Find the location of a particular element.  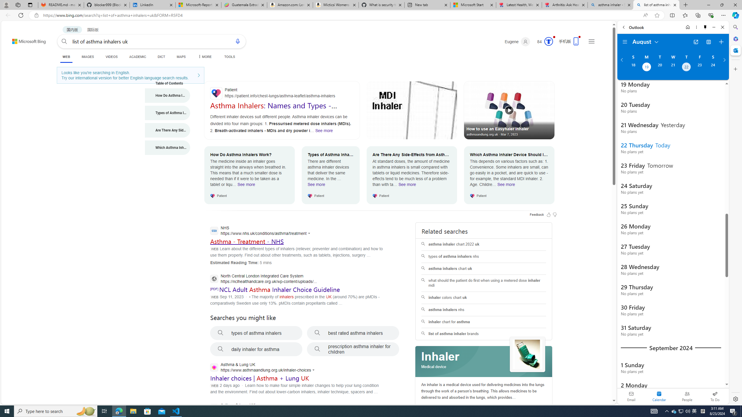

'daily inhaler for asthma' is located at coordinates (256, 349).